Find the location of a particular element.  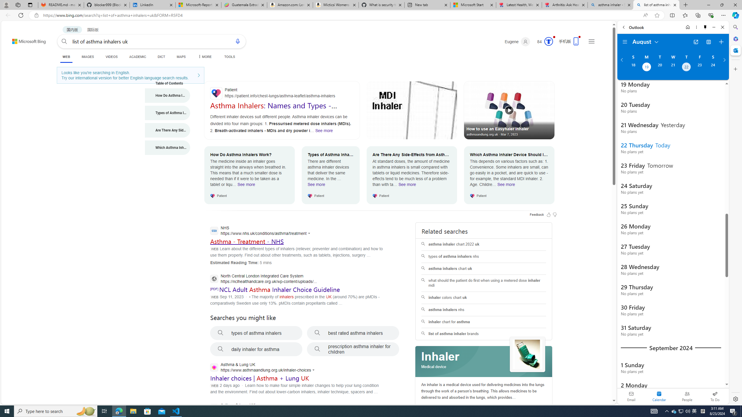

'daily inhaler for asthma' is located at coordinates (256, 349).